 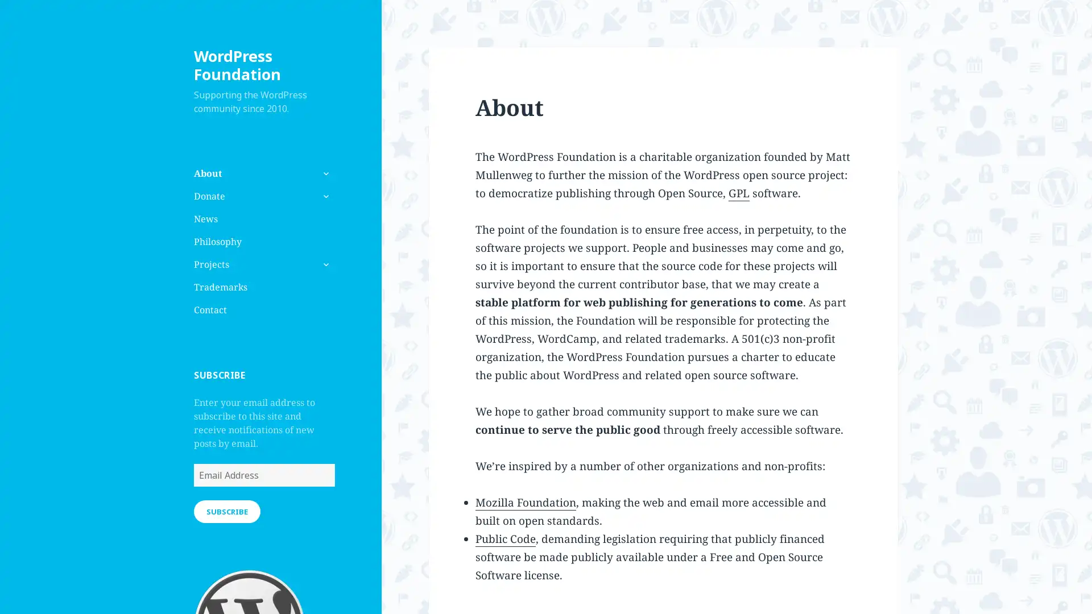 I want to click on expand child menu, so click(x=324, y=264).